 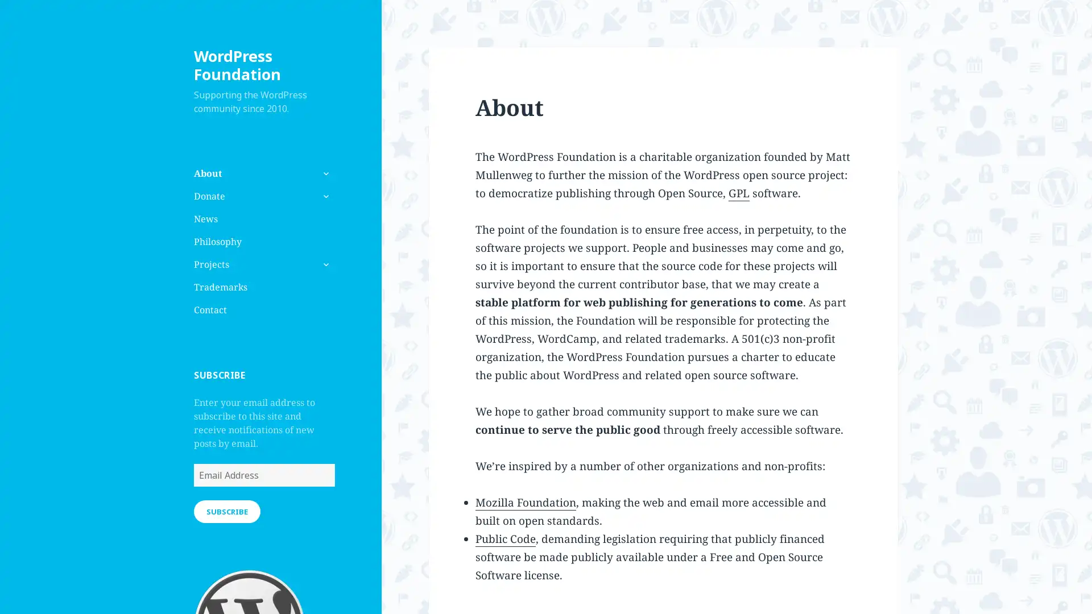 I want to click on expand child menu, so click(x=324, y=264).